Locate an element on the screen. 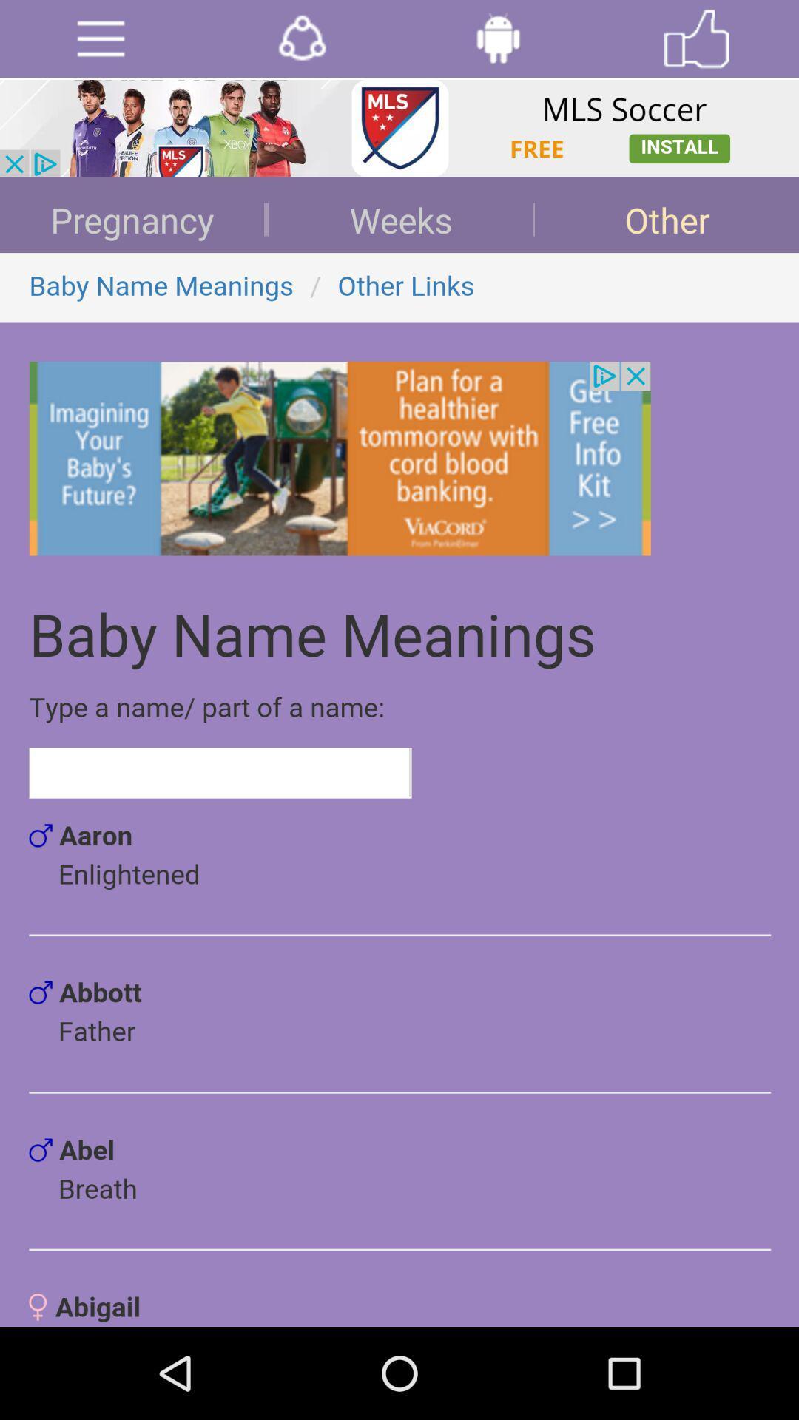 This screenshot has width=799, height=1420. like and/or comment/review is located at coordinates (696, 38).